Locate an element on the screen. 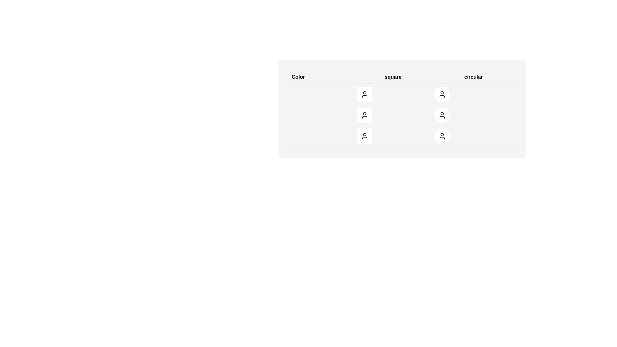 Image resolution: width=617 pixels, height=347 pixels. the table element that contains headers 'Color', 'square', and 'circular' to interact with it is located at coordinates (402, 108).